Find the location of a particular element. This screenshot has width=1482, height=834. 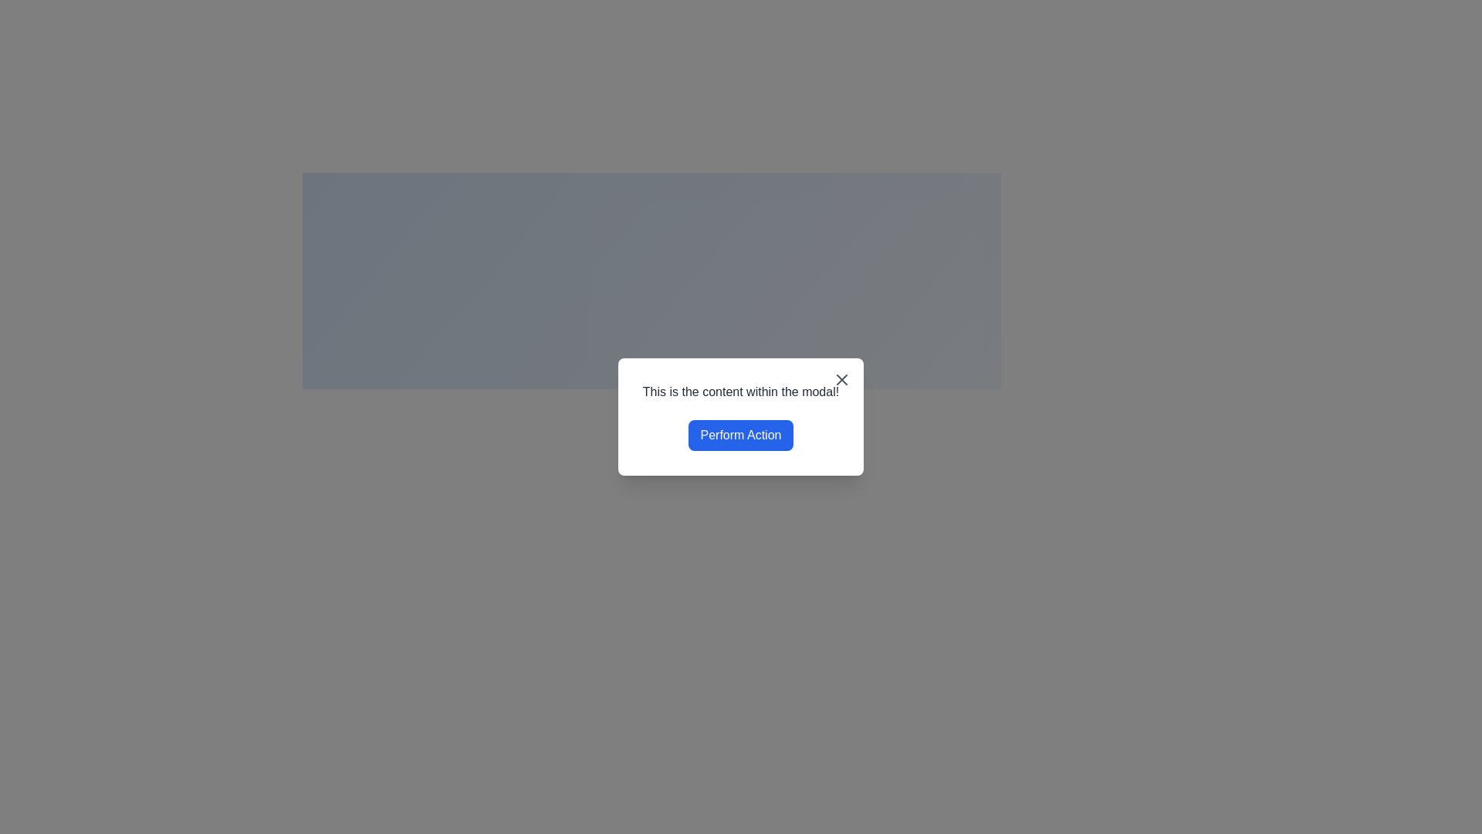

the close button located at the top-right corner of the modal is located at coordinates (841, 380).